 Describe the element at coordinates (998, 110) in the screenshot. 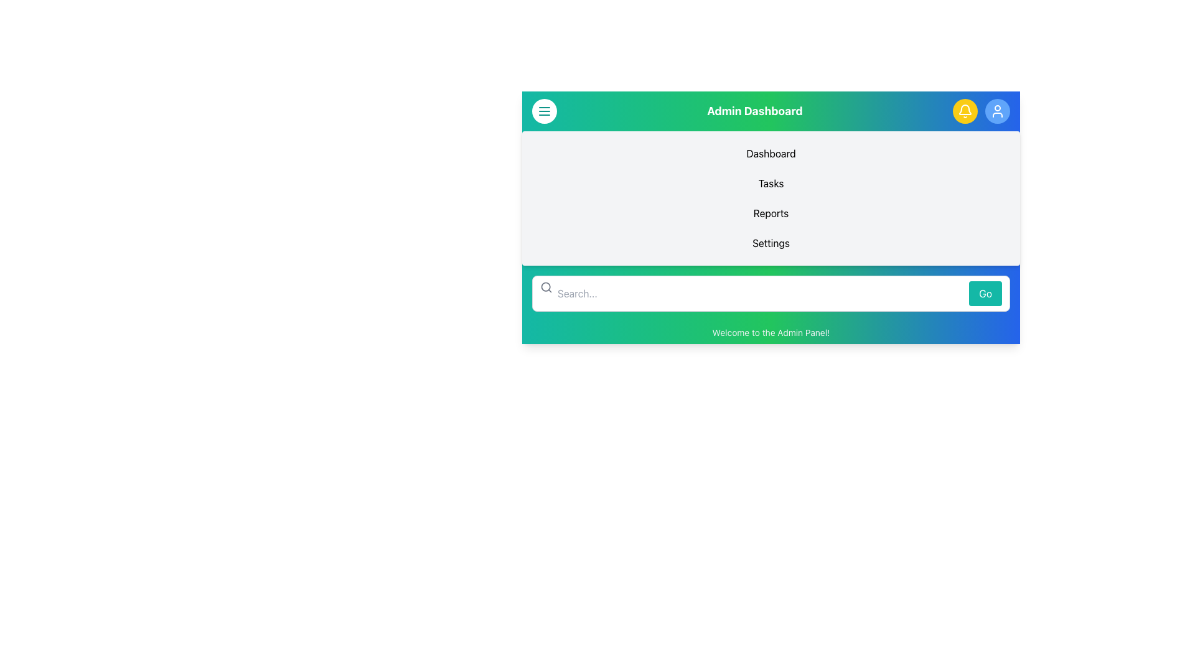

I see `the second circular button at the top-right corner of the interface` at that location.